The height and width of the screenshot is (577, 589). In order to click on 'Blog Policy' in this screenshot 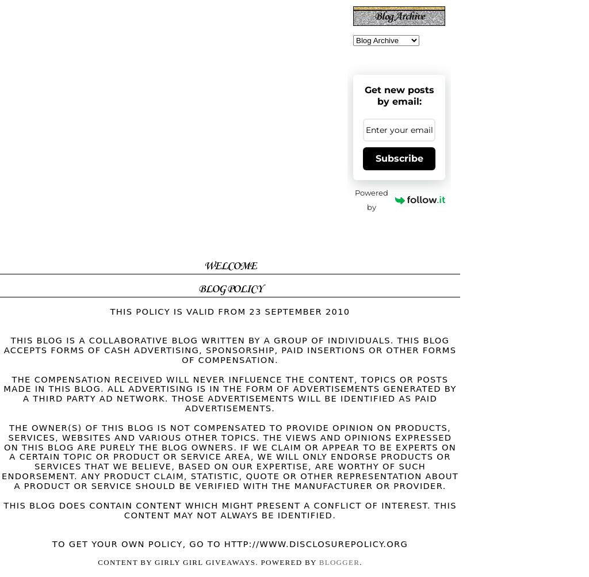, I will do `click(229, 289)`.